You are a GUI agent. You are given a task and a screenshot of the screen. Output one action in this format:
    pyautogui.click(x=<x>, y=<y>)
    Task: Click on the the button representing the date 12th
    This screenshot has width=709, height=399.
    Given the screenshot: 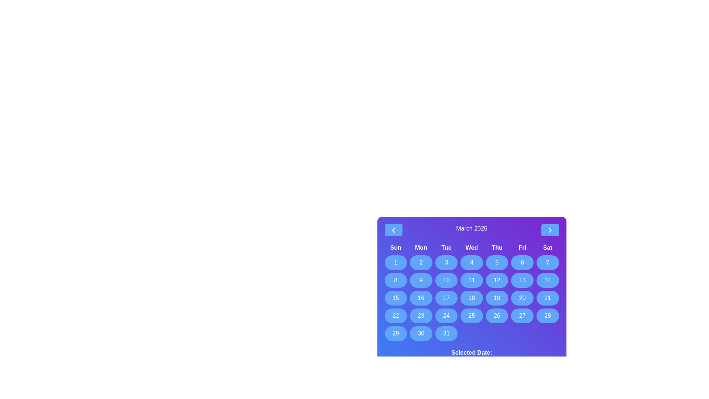 What is the action you would take?
    pyautogui.click(x=497, y=280)
    